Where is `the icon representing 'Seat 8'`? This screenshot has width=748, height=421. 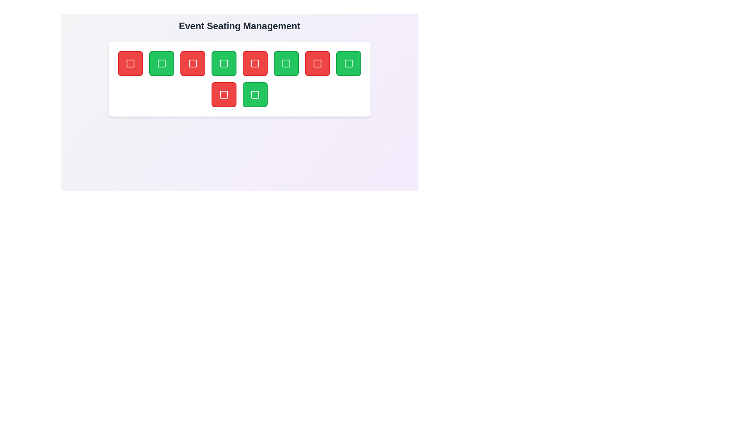 the icon representing 'Seat 8' is located at coordinates (348, 63).